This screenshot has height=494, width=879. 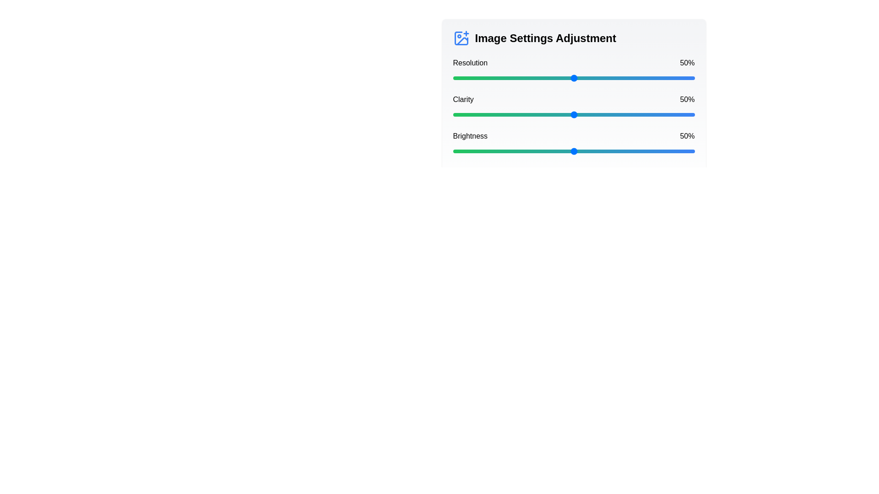 I want to click on the brightness slider to 51%, so click(x=575, y=151).